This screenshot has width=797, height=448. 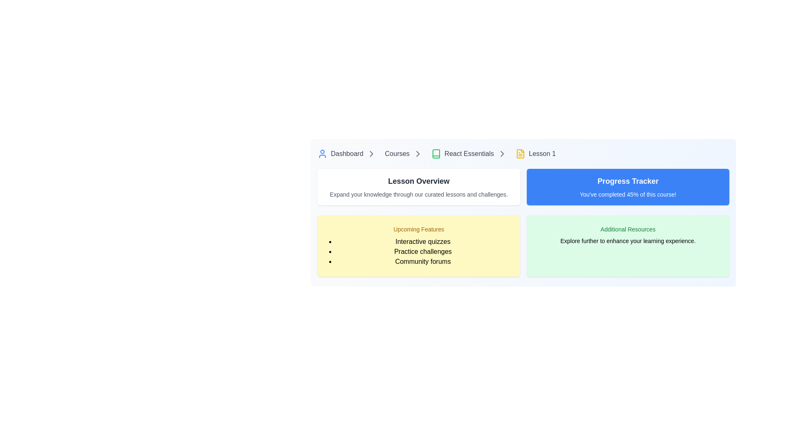 What do you see at coordinates (406, 153) in the screenshot?
I see `the 'Courses' breadcrumb navigation link, which is styled with bold text and located between 'Dashboard' and 'React Essentials' in the breadcrumb navigation bar at the top of the interface` at bounding box center [406, 153].